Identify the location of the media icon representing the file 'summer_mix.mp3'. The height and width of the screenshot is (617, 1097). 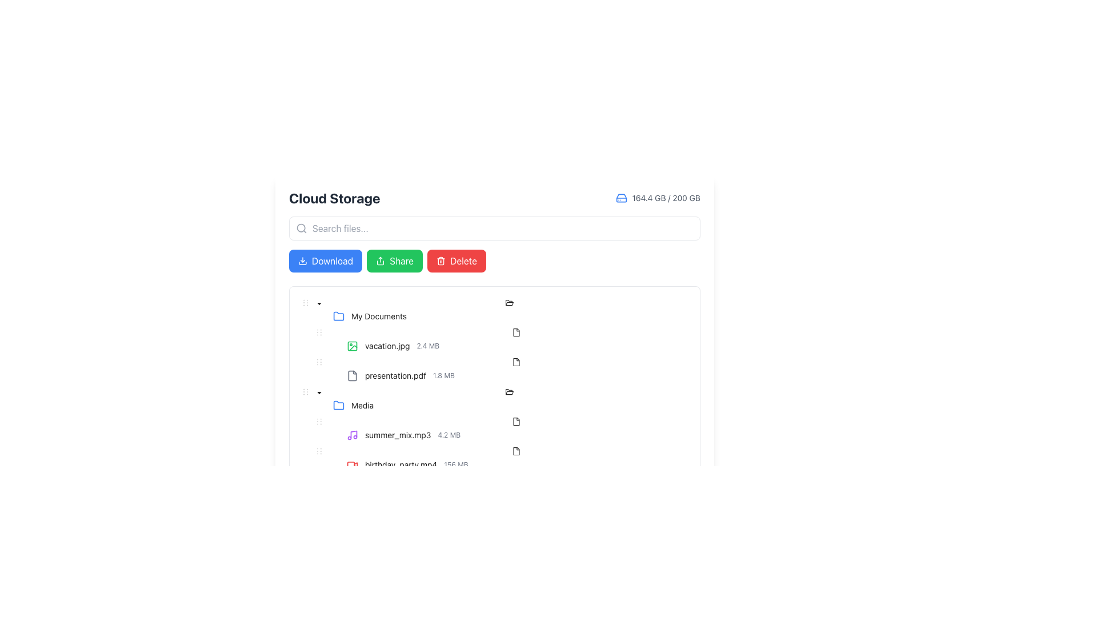
(515, 421).